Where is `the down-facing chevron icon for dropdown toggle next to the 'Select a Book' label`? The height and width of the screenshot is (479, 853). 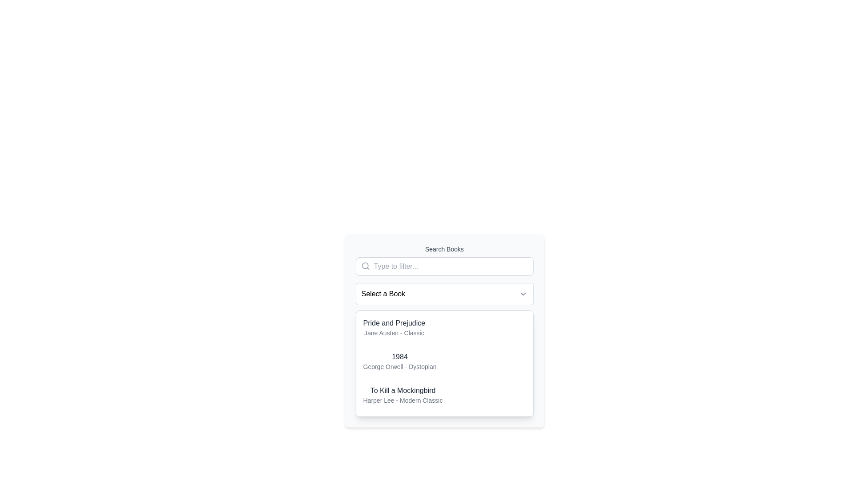 the down-facing chevron icon for dropdown toggle next to the 'Select a Book' label is located at coordinates (523, 294).